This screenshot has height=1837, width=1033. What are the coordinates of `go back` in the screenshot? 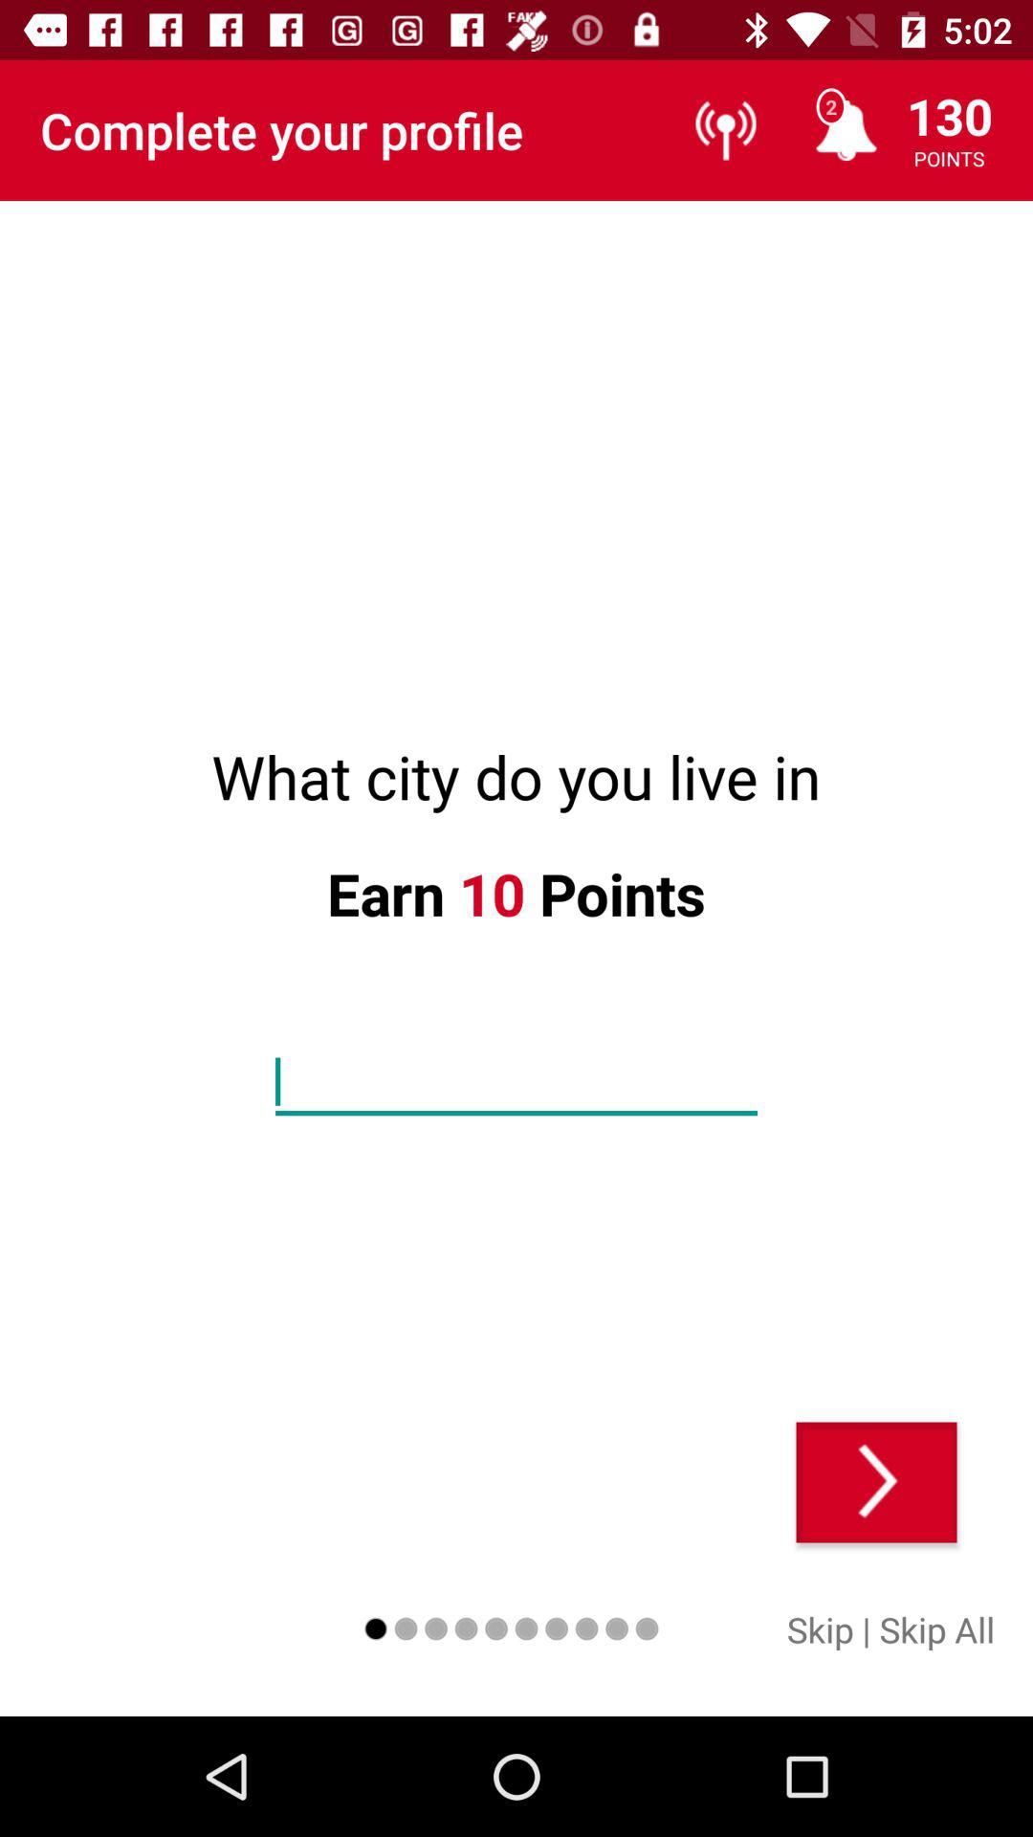 It's located at (876, 1481).